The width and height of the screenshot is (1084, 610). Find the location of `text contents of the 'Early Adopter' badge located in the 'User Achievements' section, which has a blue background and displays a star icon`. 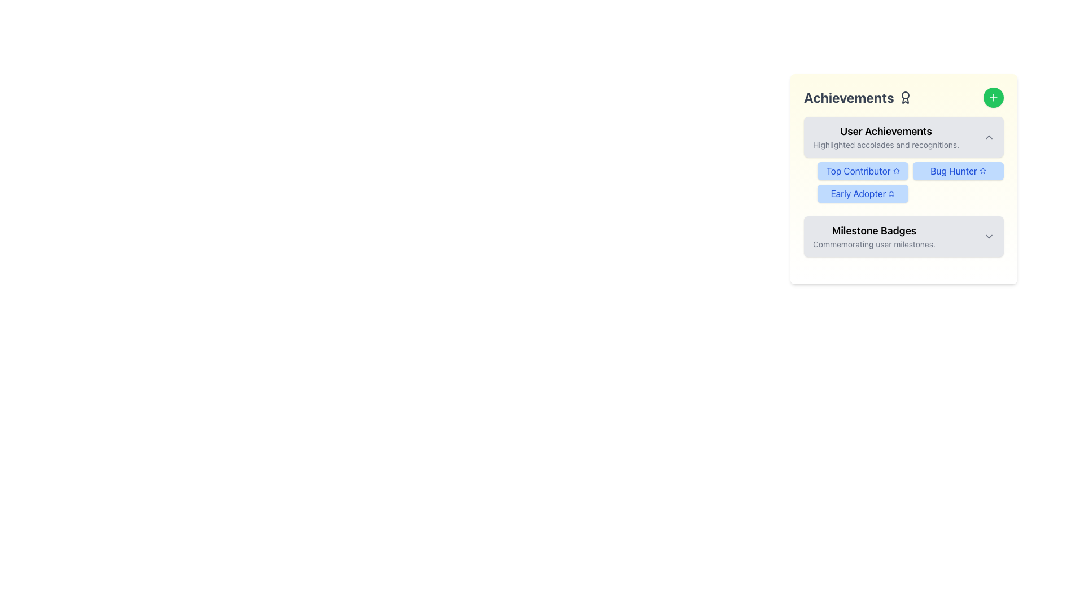

text contents of the 'Early Adopter' badge located in the 'User Achievements' section, which has a blue background and displays a star icon is located at coordinates (862, 193).